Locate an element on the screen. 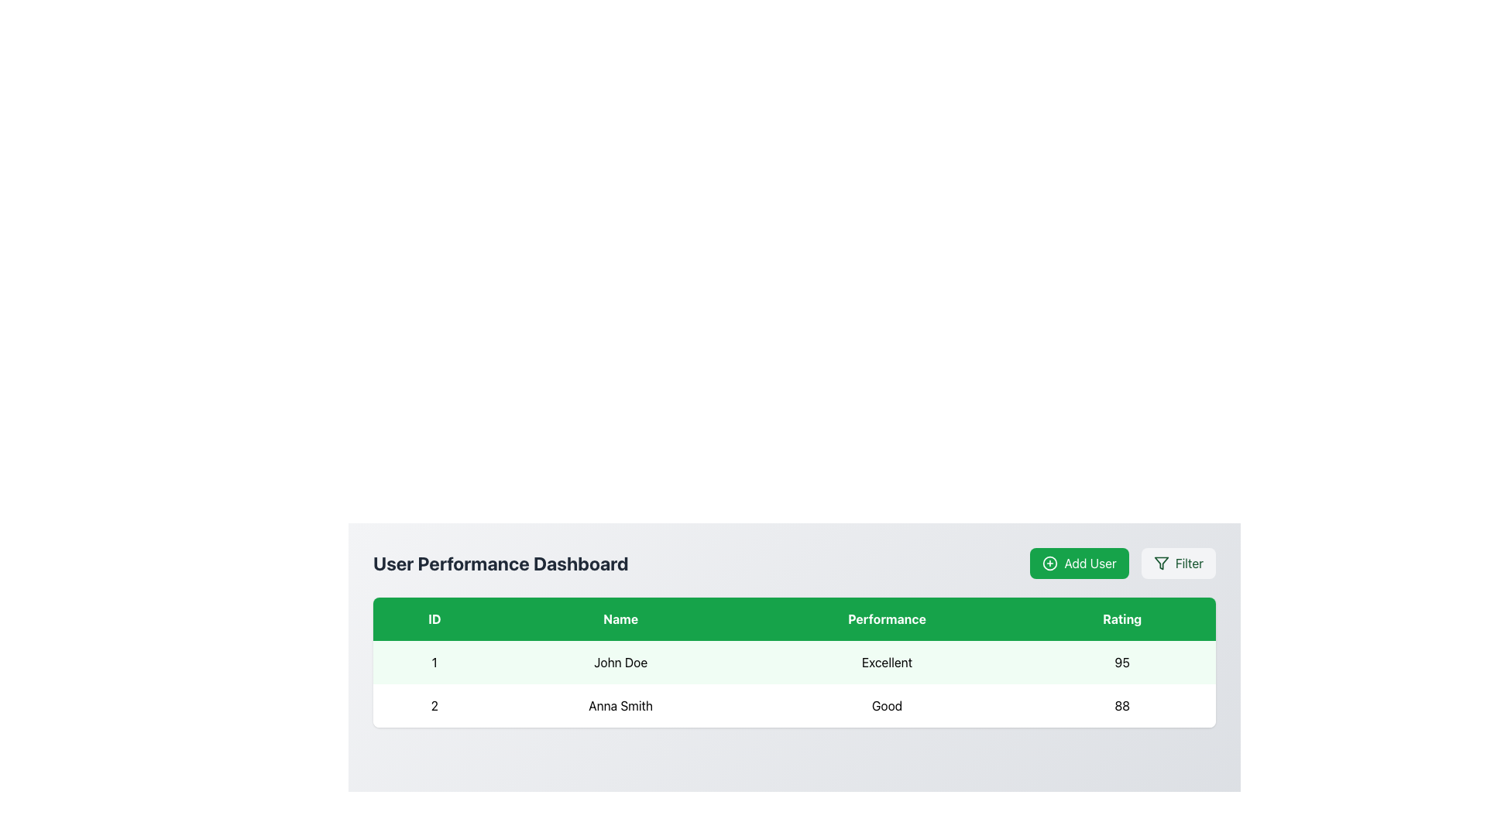 This screenshot has height=836, width=1487. the green 'Add User' button with rounded corners located in the upper right section of the interface is located at coordinates (1079, 564).